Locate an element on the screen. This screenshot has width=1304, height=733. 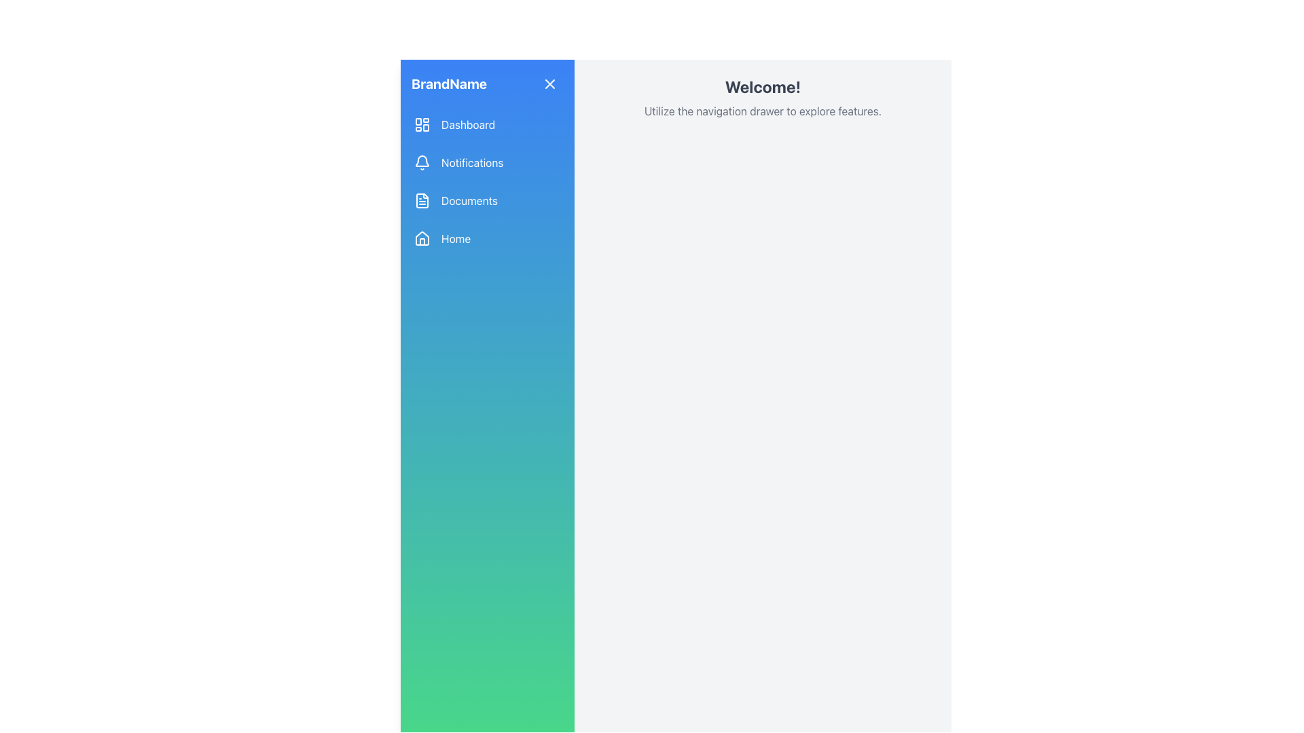
the small rectangular SVG shape with rounded corners that is part of the dashboard icon in the navigation sidebar, aligned vertically with the 'Dashboard' text is located at coordinates (425, 128).